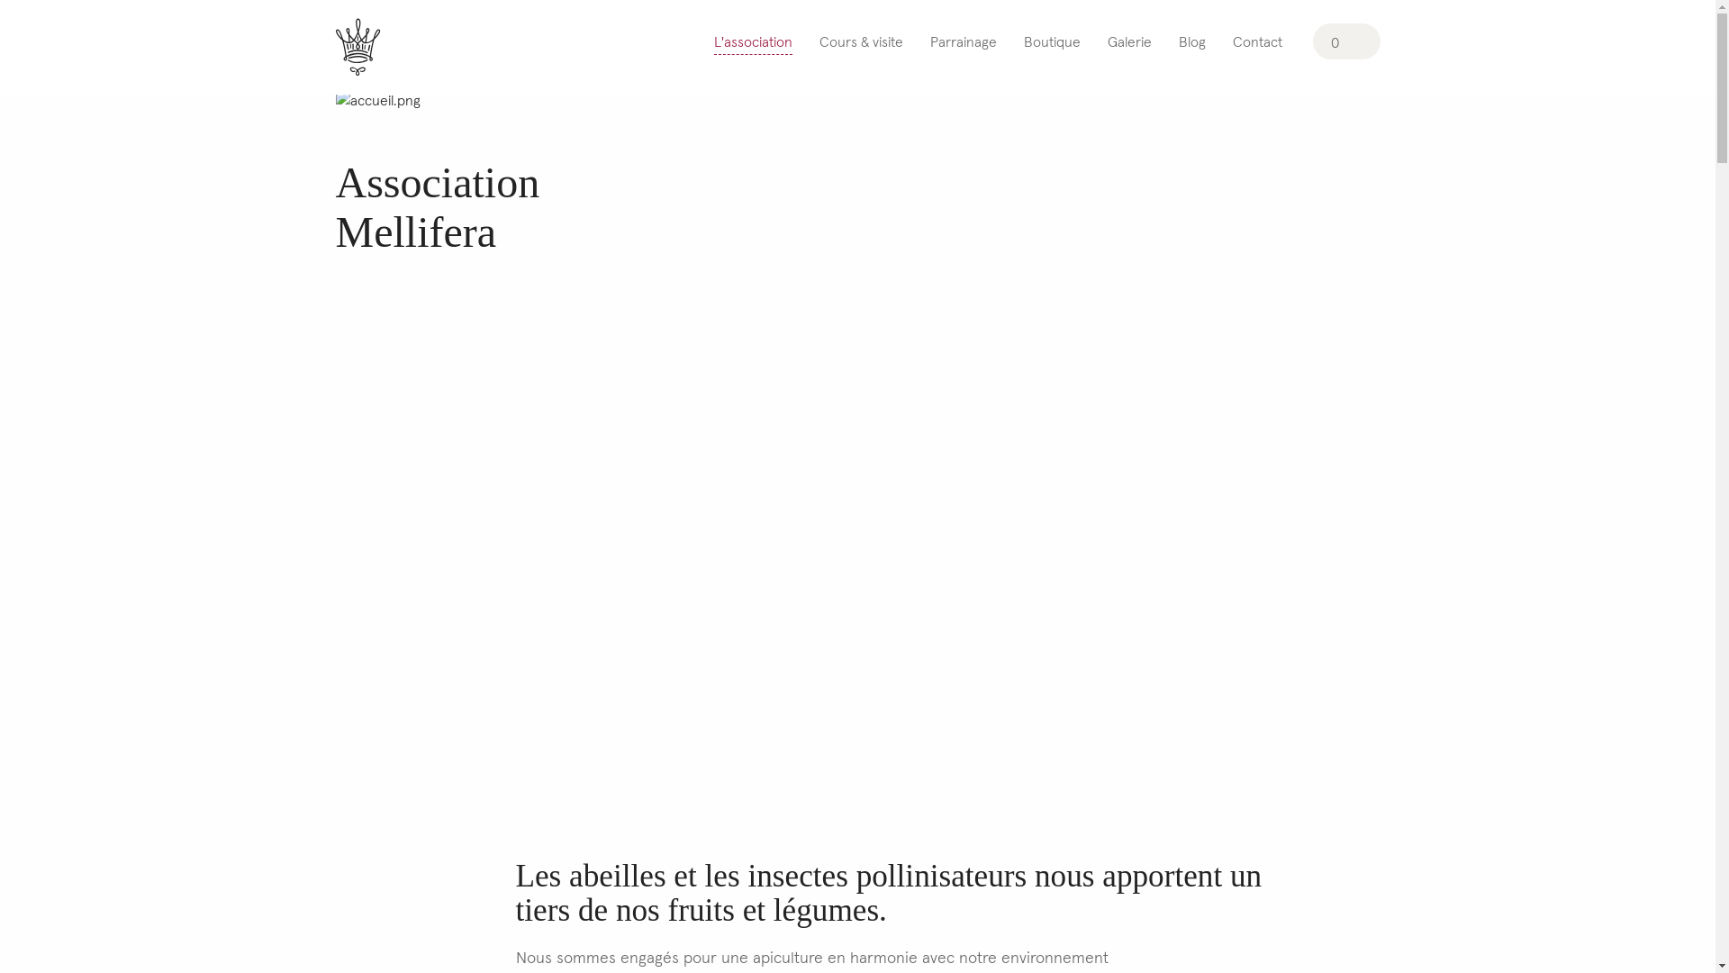 This screenshot has width=1729, height=973. I want to click on 'Contact', so click(1255, 42).